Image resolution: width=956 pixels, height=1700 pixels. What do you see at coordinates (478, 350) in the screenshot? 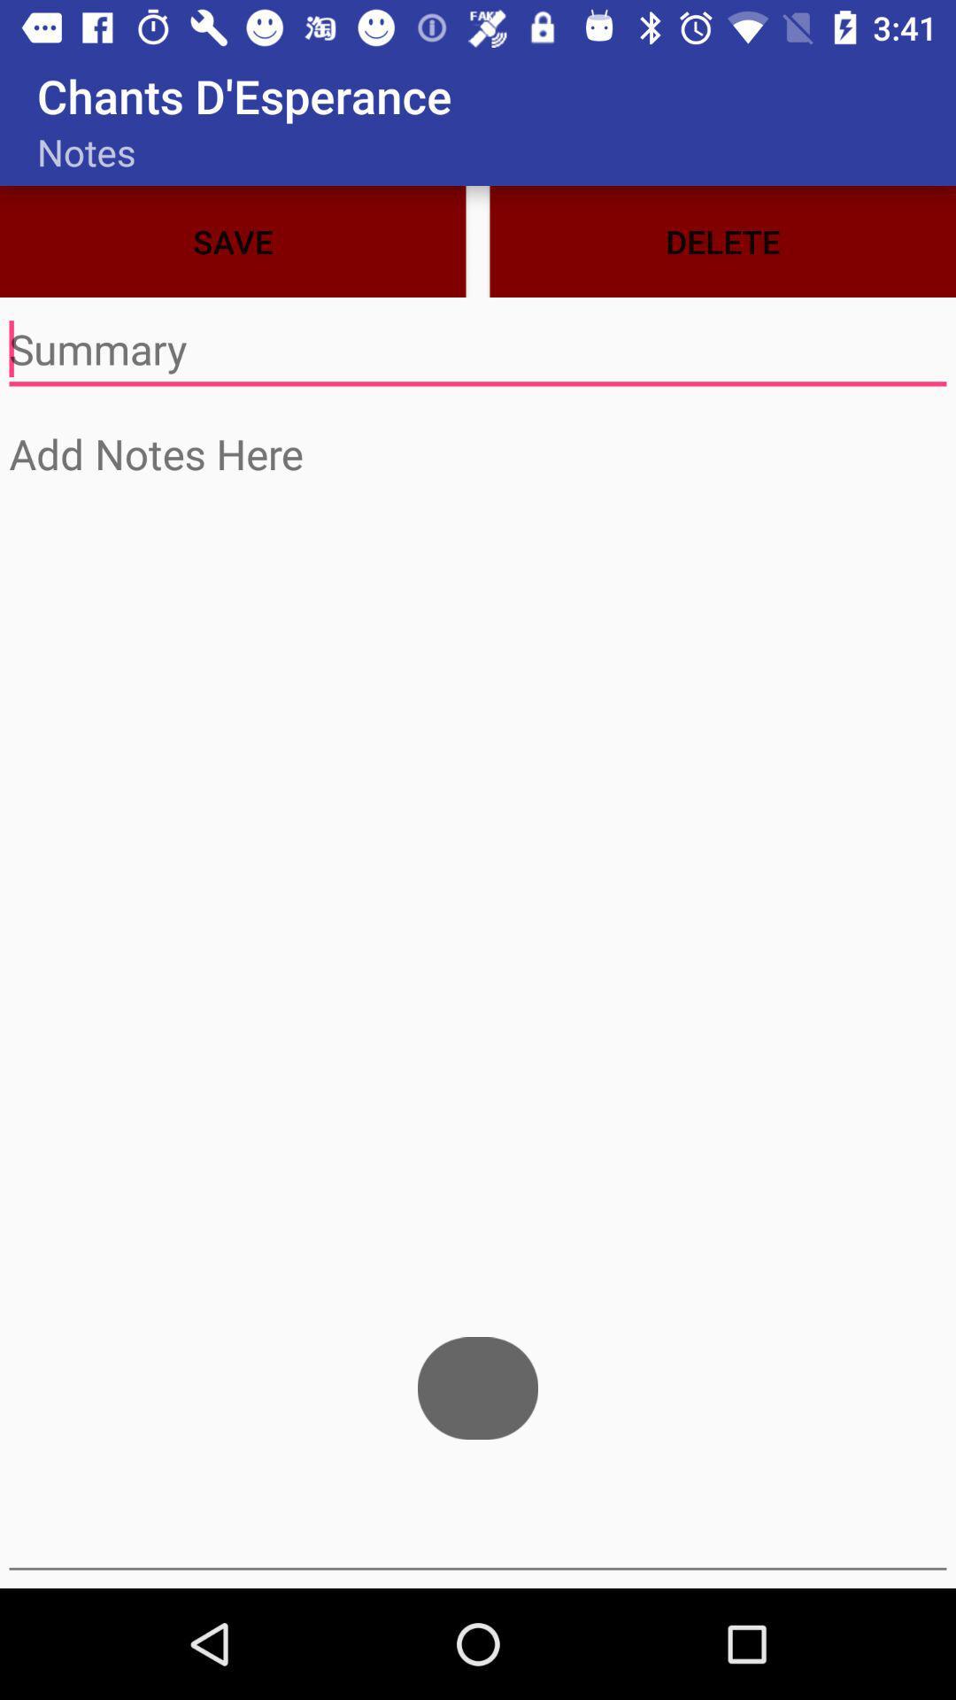
I see `type summary` at bounding box center [478, 350].